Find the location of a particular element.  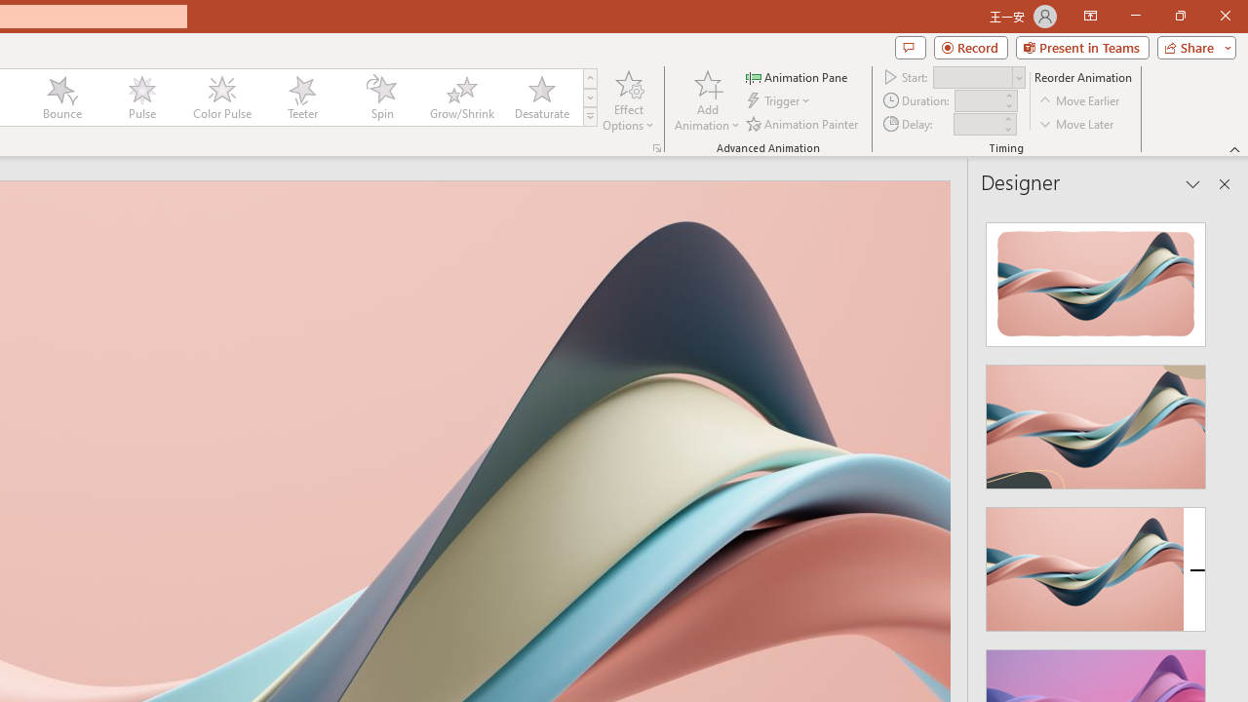

'Pulse' is located at coordinates (140, 97).